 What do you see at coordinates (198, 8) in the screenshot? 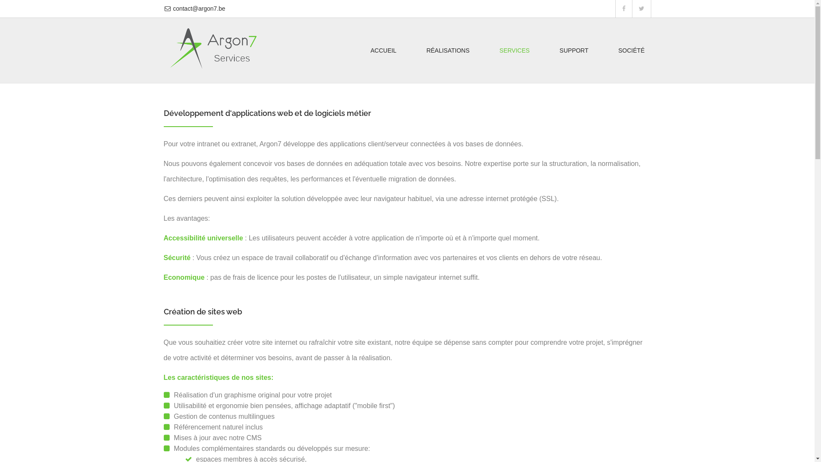
I see `'contact@argon7.be'` at bounding box center [198, 8].